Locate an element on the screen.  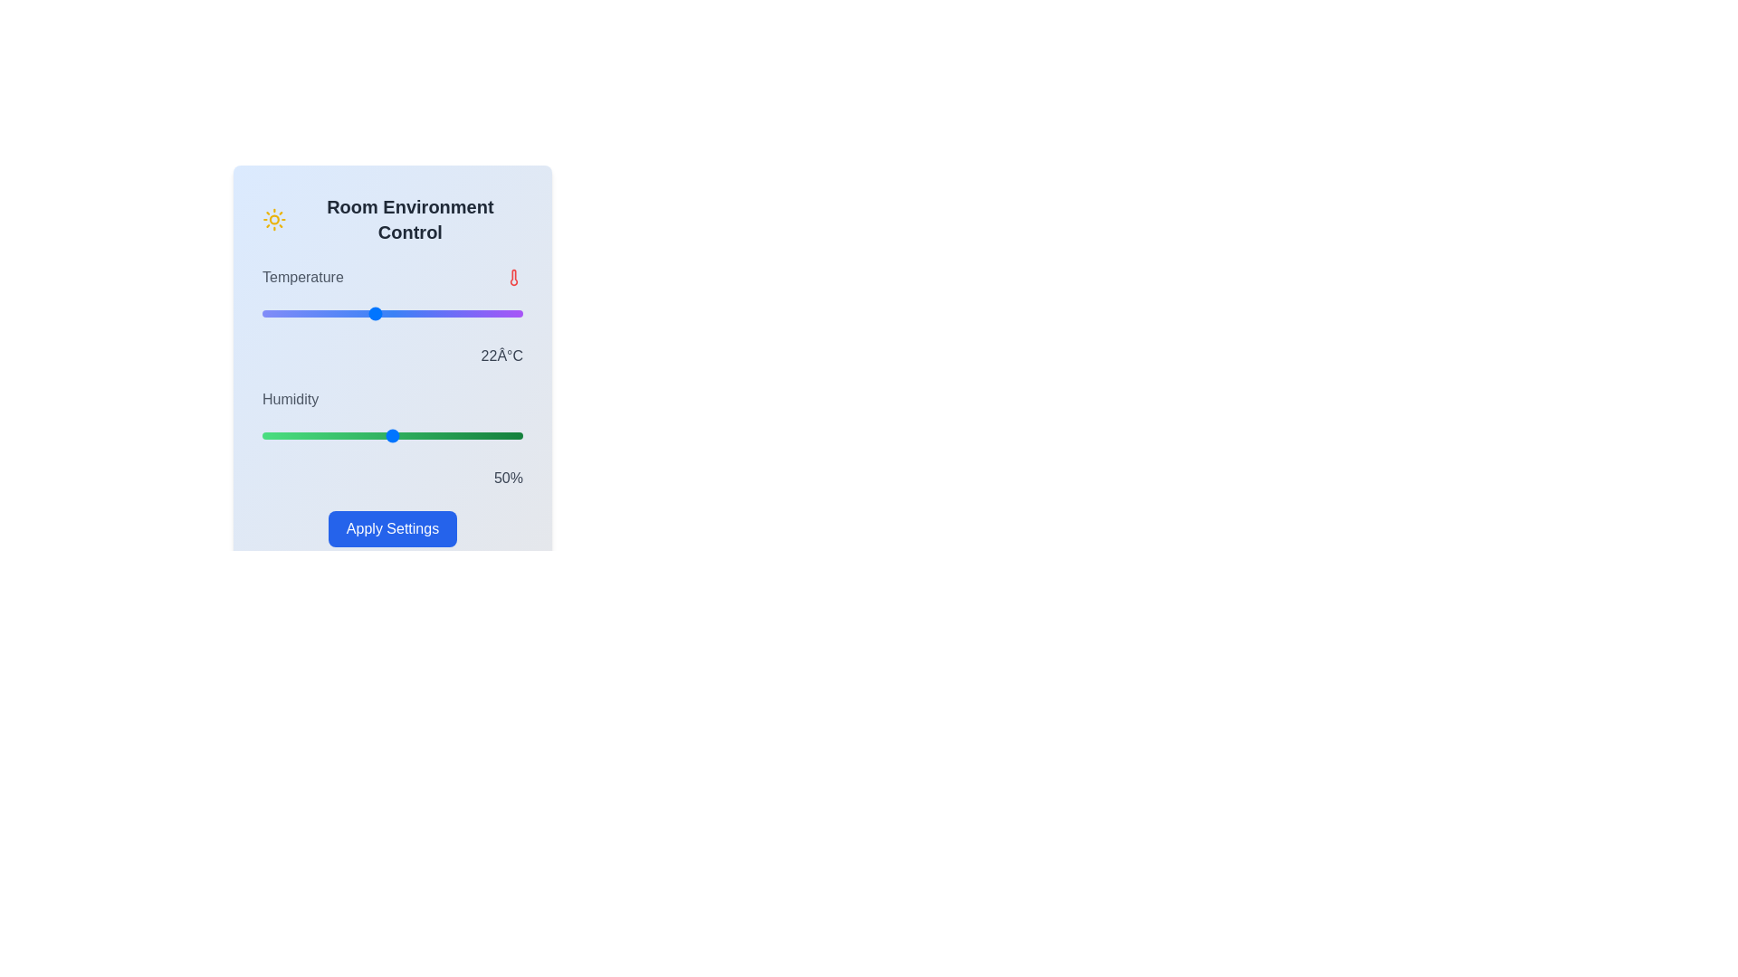
the humidity slider to set the humidity to 9% is located at coordinates (284, 436).